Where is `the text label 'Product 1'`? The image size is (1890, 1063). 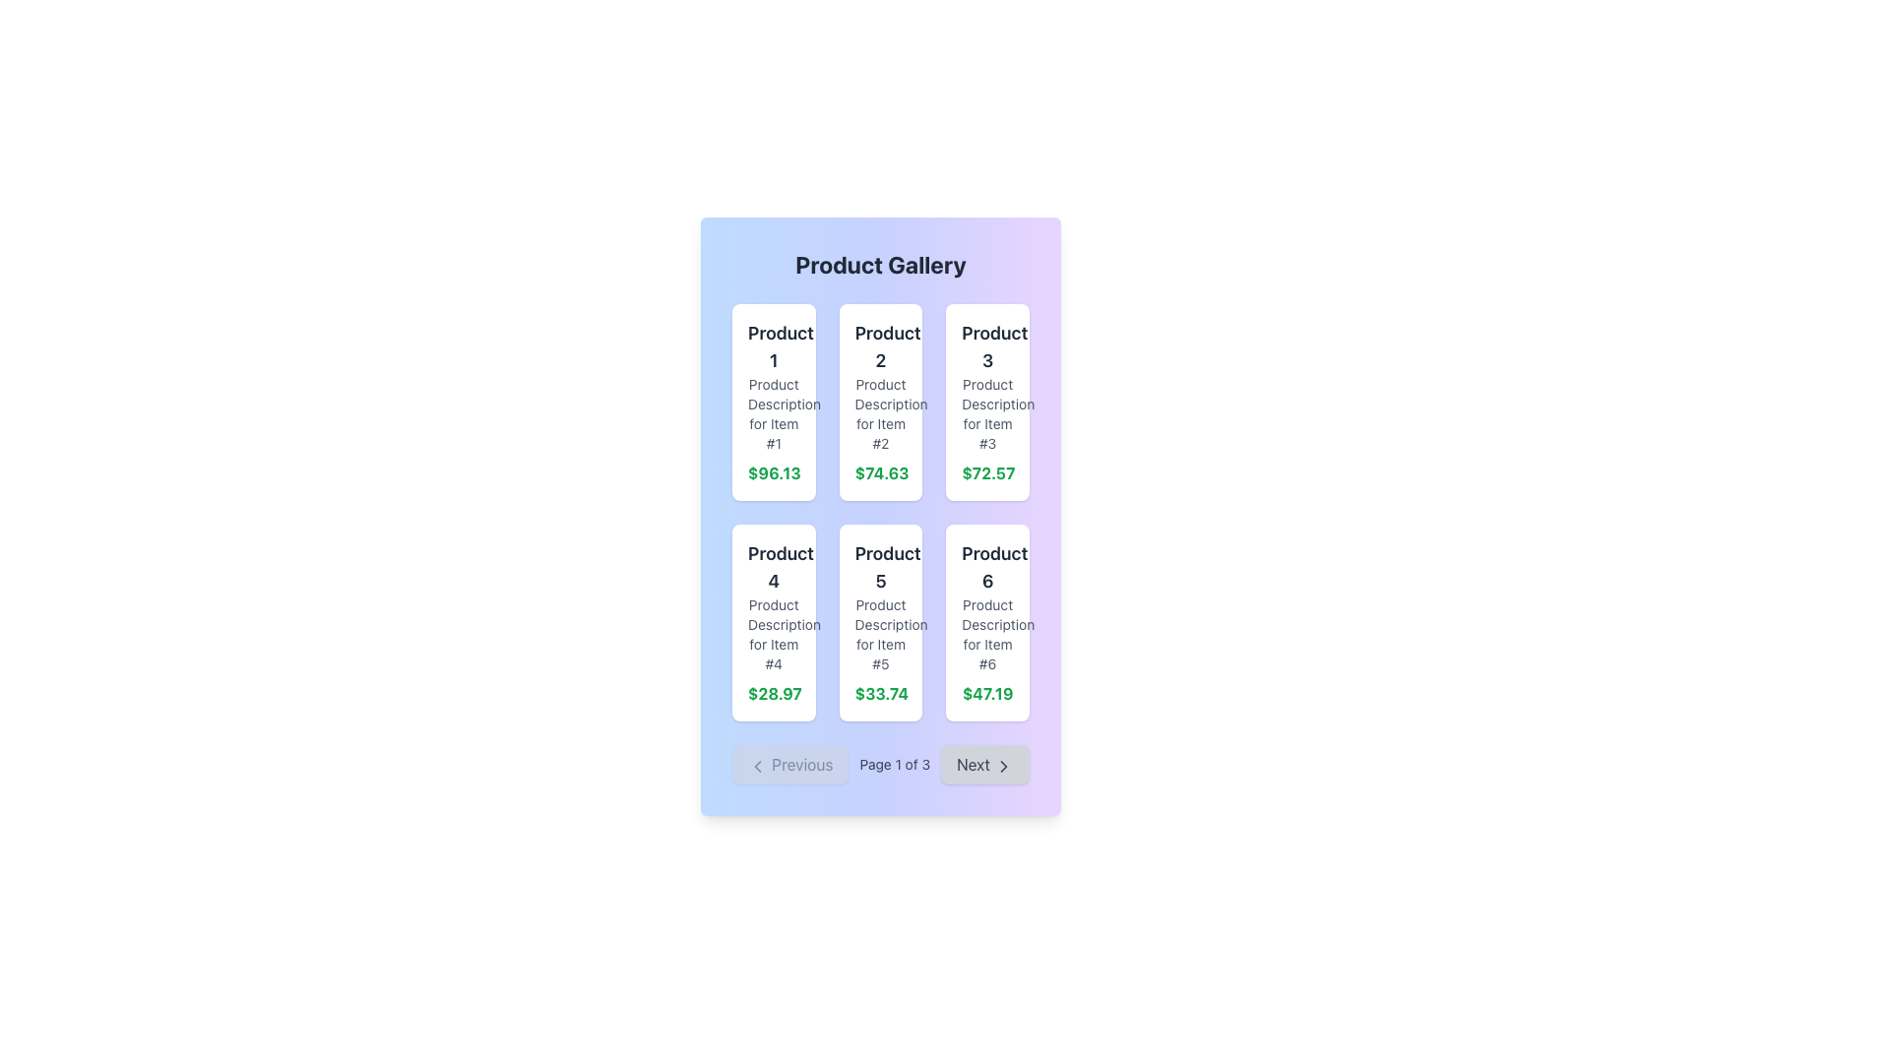
the text label 'Product 1' is located at coordinates (773, 346).